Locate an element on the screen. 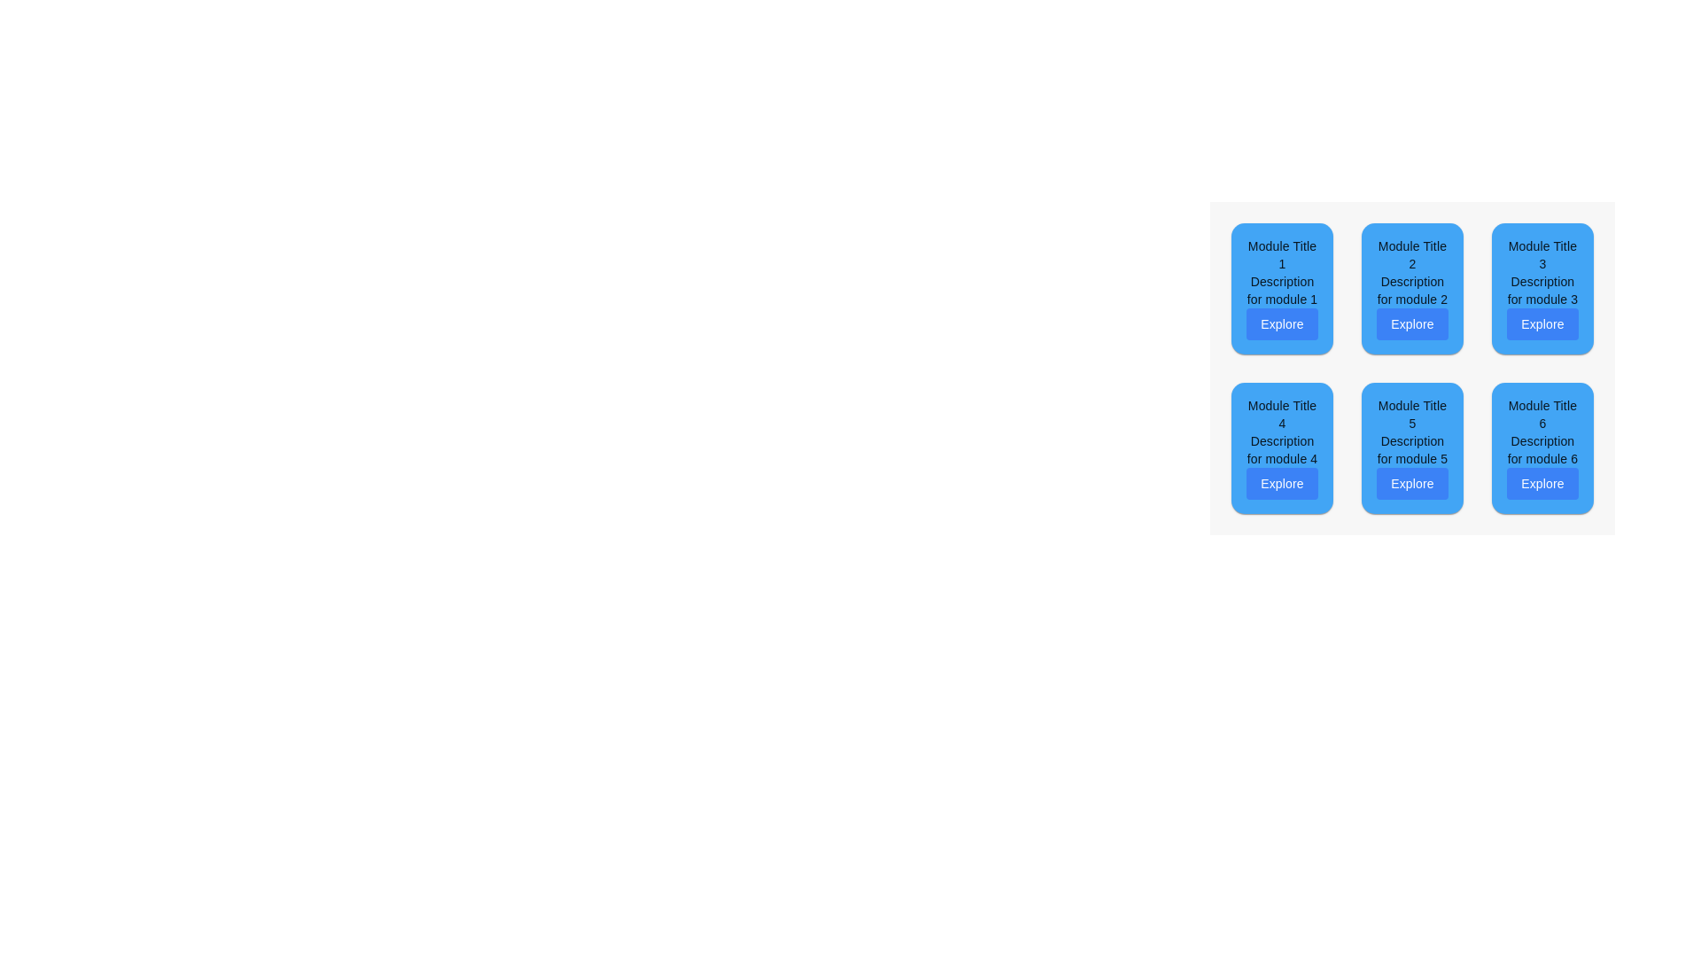 This screenshot has height=957, width=1701. the rectangular button with rounded corners labeled 'Explore' located at the bottom of the fifth card in the grid layout is located at coordinates (1411, 484).